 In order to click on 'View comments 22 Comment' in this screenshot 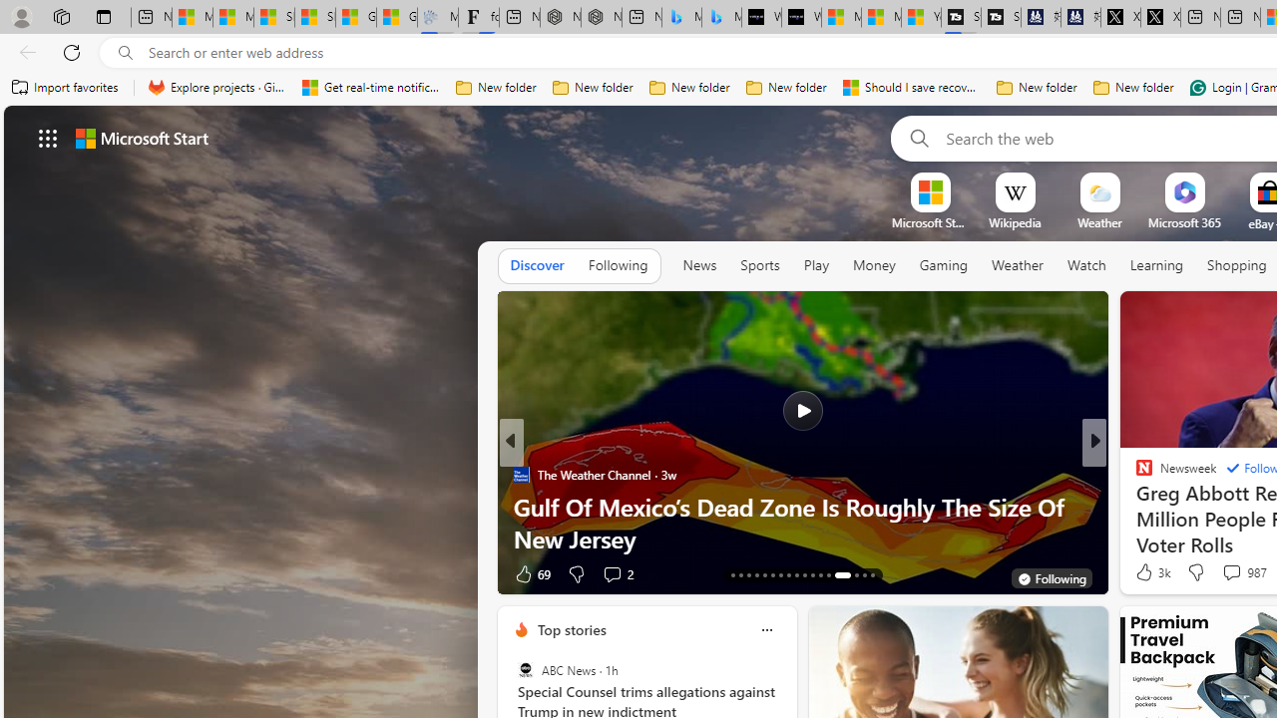, I will do `click(11, 573)`.